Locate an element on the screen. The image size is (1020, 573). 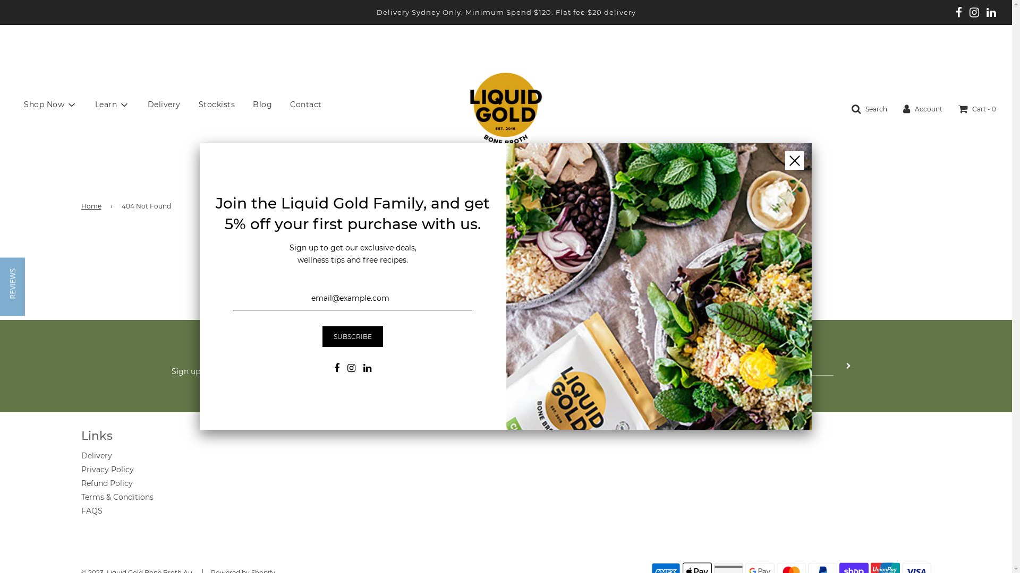
'Privacy Policy' is located at coordinates (107, 468).